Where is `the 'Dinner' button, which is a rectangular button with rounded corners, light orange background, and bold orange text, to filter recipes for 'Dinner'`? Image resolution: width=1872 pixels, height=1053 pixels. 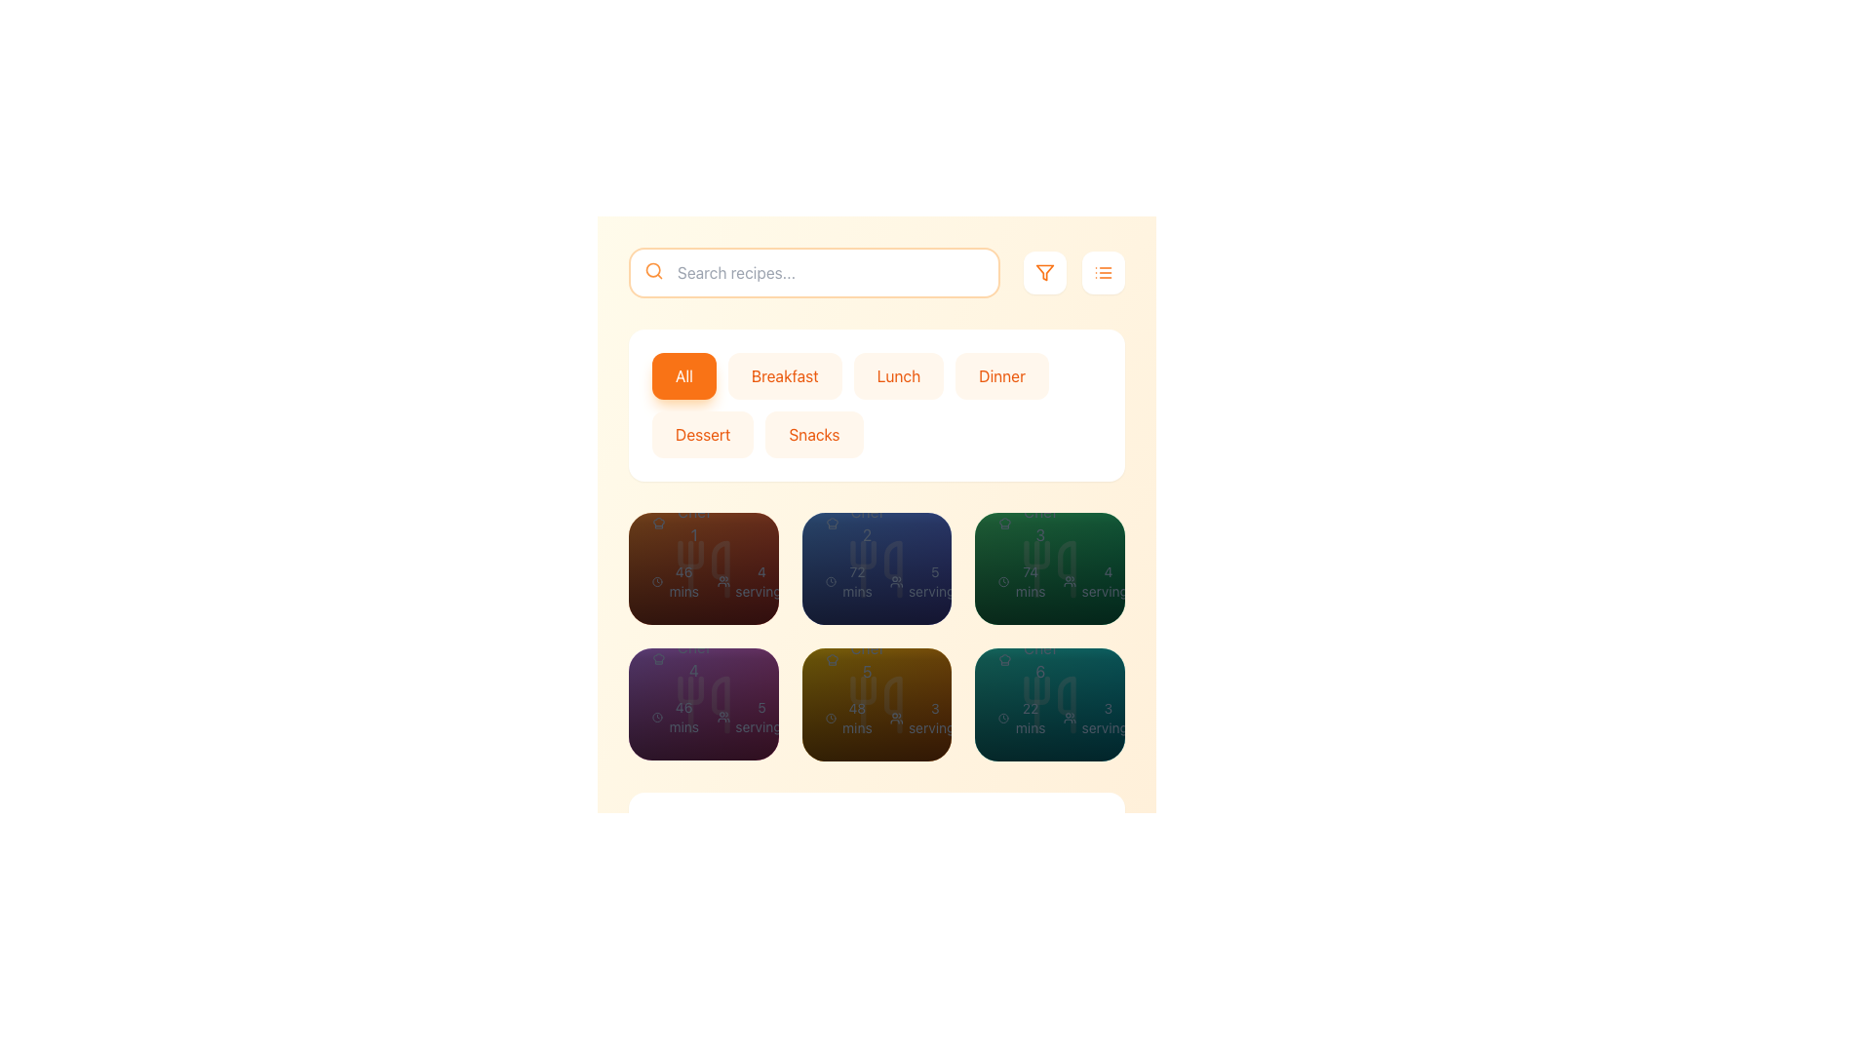
the 'Dinner' button, which is a rectangular button with rounded corners, light orange background, and bold orange text, to filter recipes for 'Dinner' is located at coordinates (1001, 375).